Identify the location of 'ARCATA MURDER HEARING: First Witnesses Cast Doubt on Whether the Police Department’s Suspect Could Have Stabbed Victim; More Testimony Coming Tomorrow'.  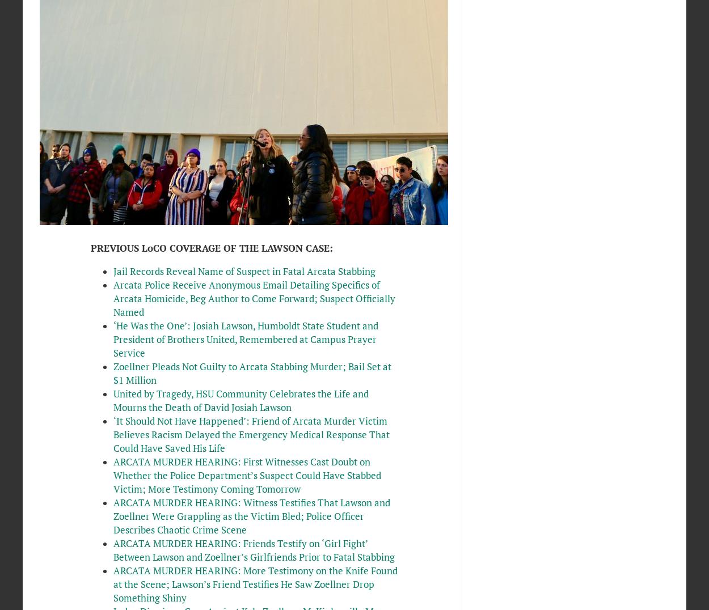
(246, 474).